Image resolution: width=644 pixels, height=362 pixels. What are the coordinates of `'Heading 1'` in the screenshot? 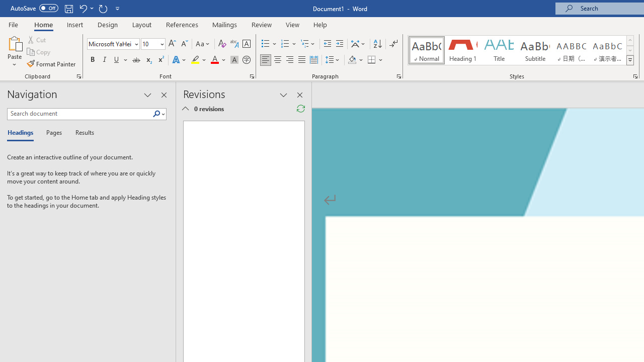 It's located at (462, 50).